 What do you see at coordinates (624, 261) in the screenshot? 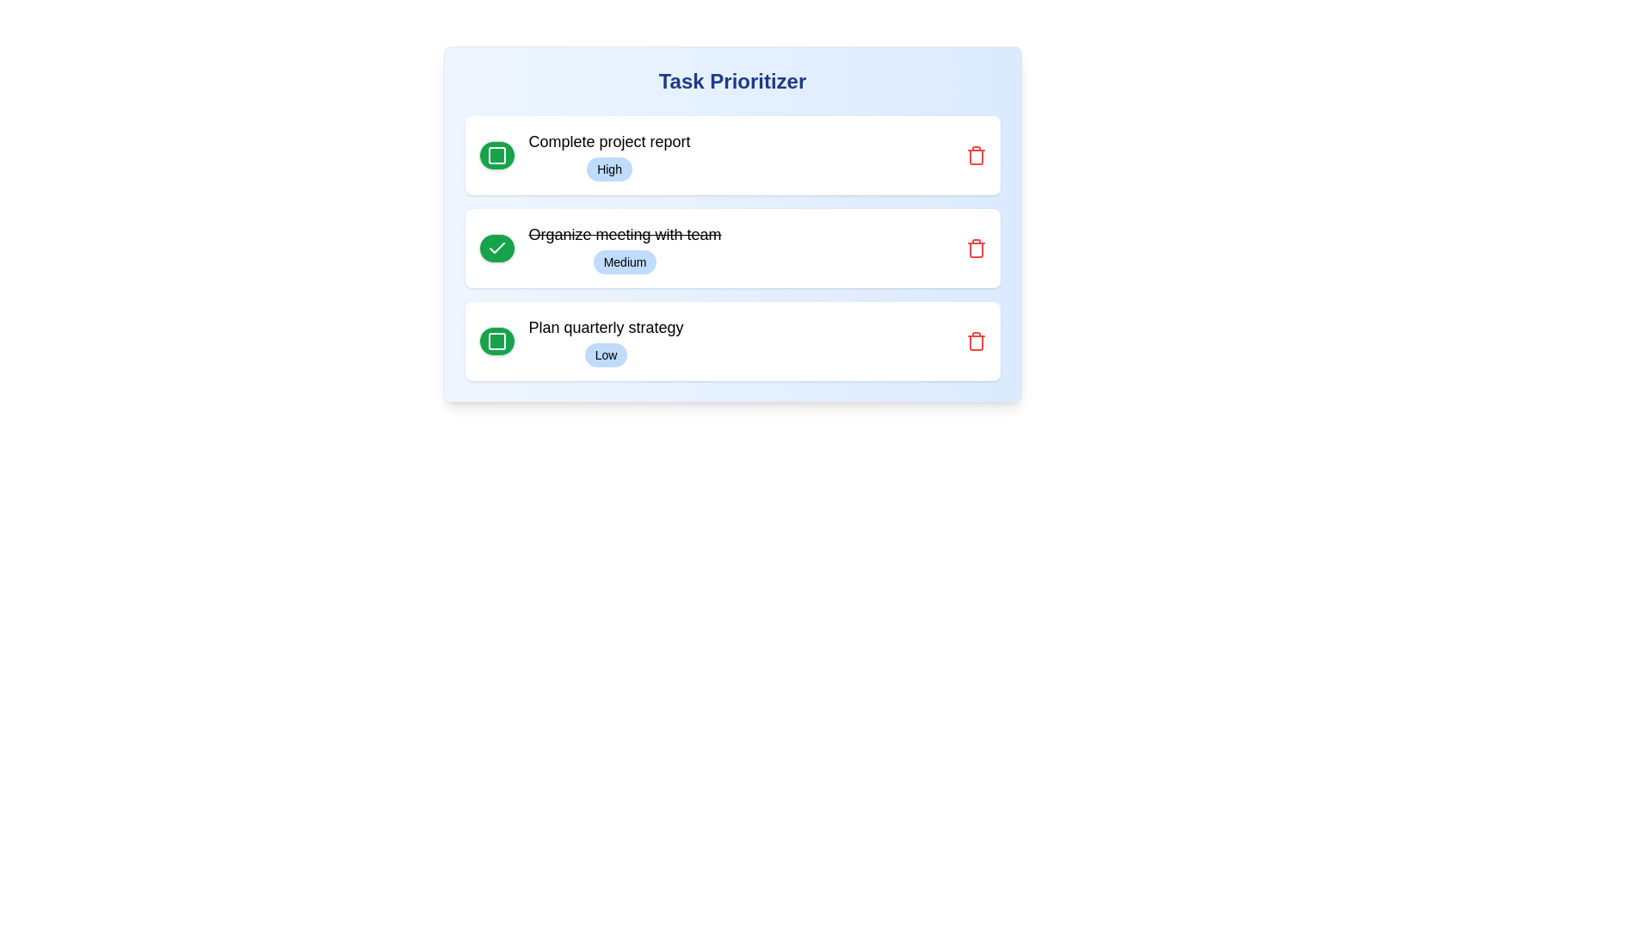
I see `the pill-shaped badge labeled 'Medium' with a light blue background, located in the second task block beneath the struck-through title 'Organize meeting with team'` at bounding box center [624, 261].